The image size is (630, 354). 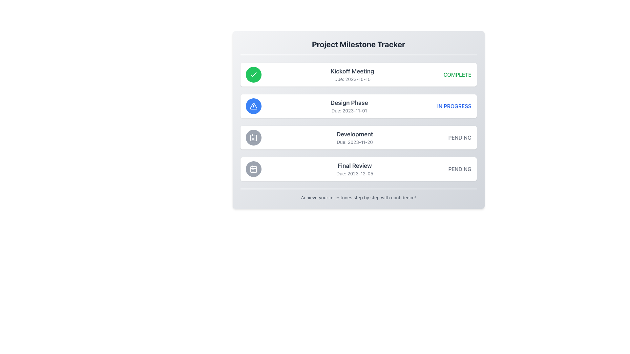 What do you see at coordinates (352, 71) in the screenshot?
I see `the Text Label that serves as the title for the 'Kickoff Meeting' milestone task, which is positioned above the 'Due: 2023-10-15' label` at bounding box center [352, 71].